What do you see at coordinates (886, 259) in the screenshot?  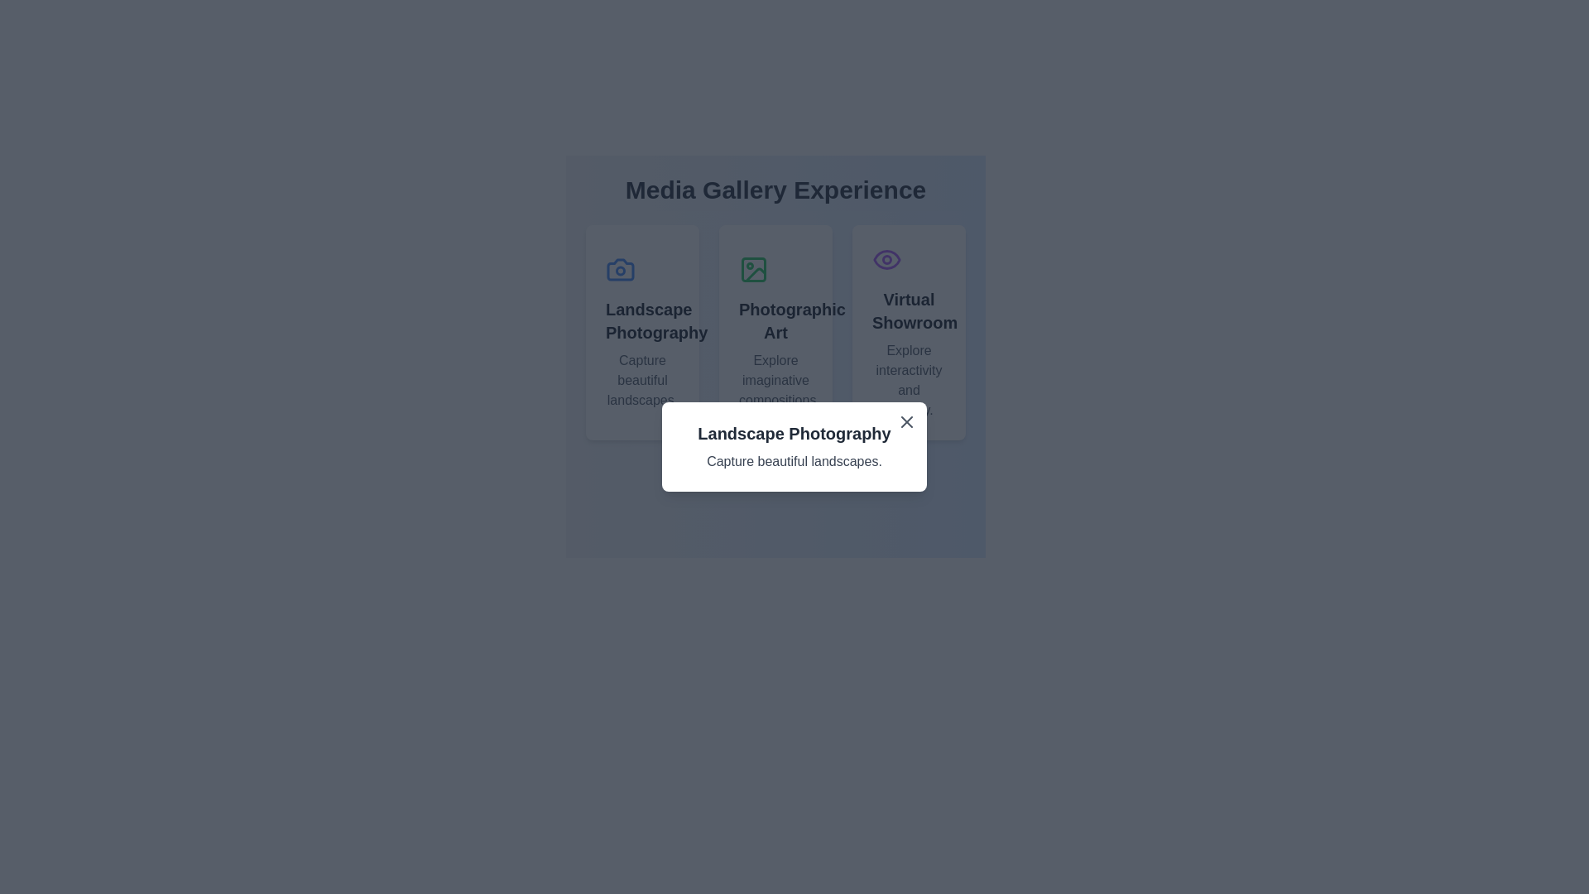 I see `the decorative vector graphic element representing the 'Virtual Showroom' feature, located in the third position from the left under 'Media Gallery Experience'` at bounding box center [886, 259].